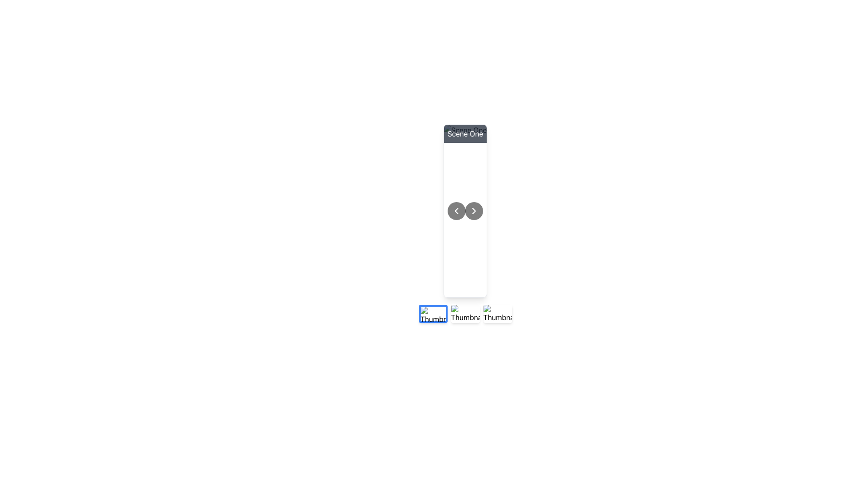  I want to click on the rightward-pointing chevron icon located in the center of the circular navigation button under the 'Scene One' header, so click(474, 211).